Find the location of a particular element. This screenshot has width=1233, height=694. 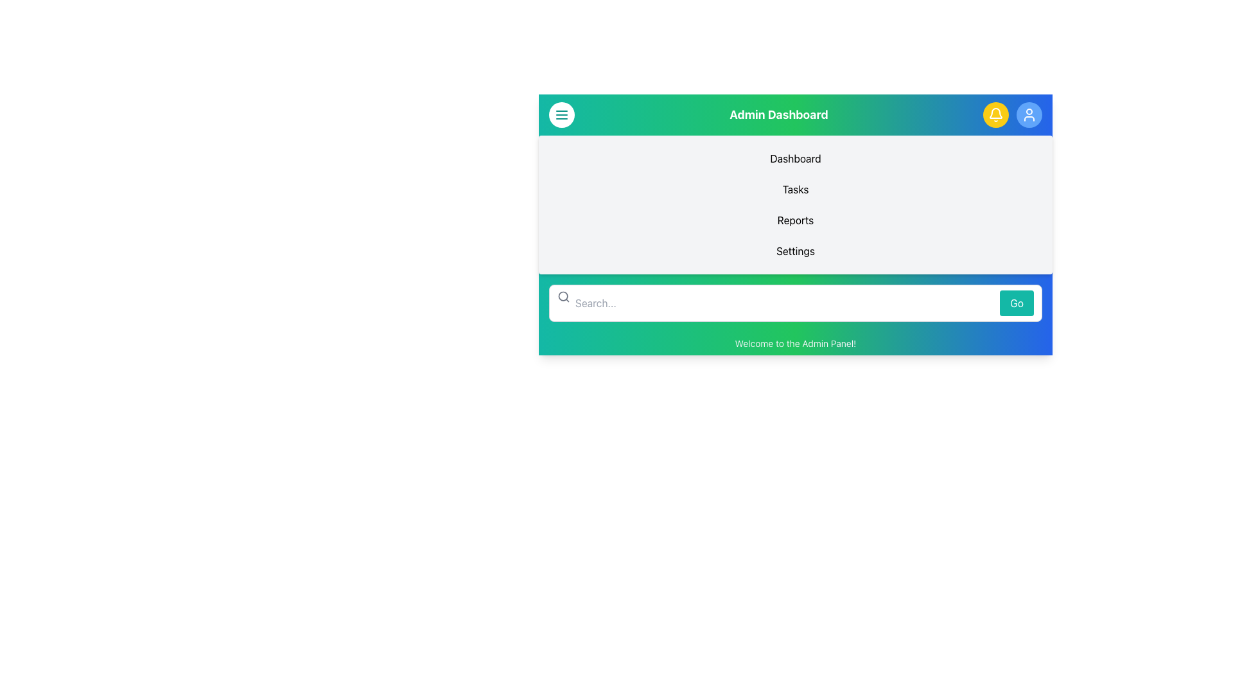

the bell icon located in the top-right corner of the interface is located at coordinates (995, 114).